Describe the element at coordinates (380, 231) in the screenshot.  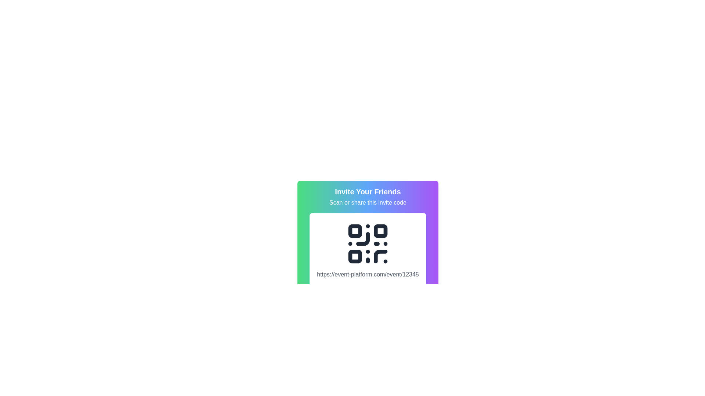
I see `the decorative square component in the top-right section of the QR code graphic that contributes to the encoded structure` at that location.